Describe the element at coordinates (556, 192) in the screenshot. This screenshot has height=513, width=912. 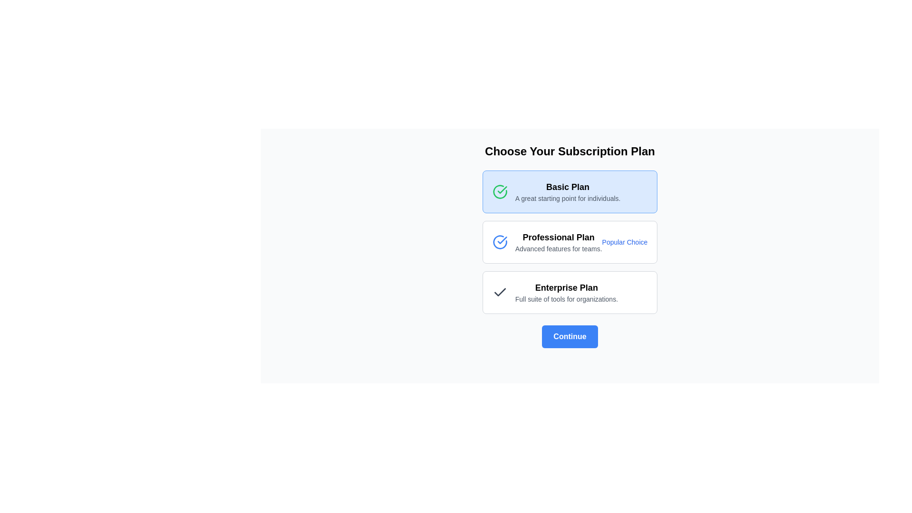
I see `the 'Basic Plan' subscription option, which is the topmost item in a vertical list of subscription plans, represented by a light blue rounded rectangle` at that location.